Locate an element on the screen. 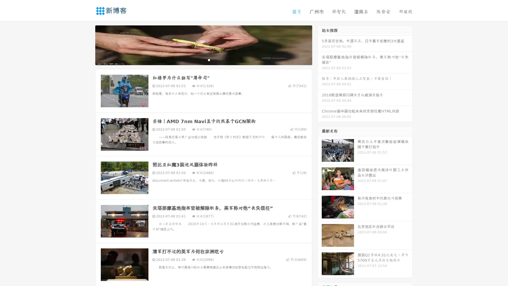  Previous slide is located at coordinates (87, 44).